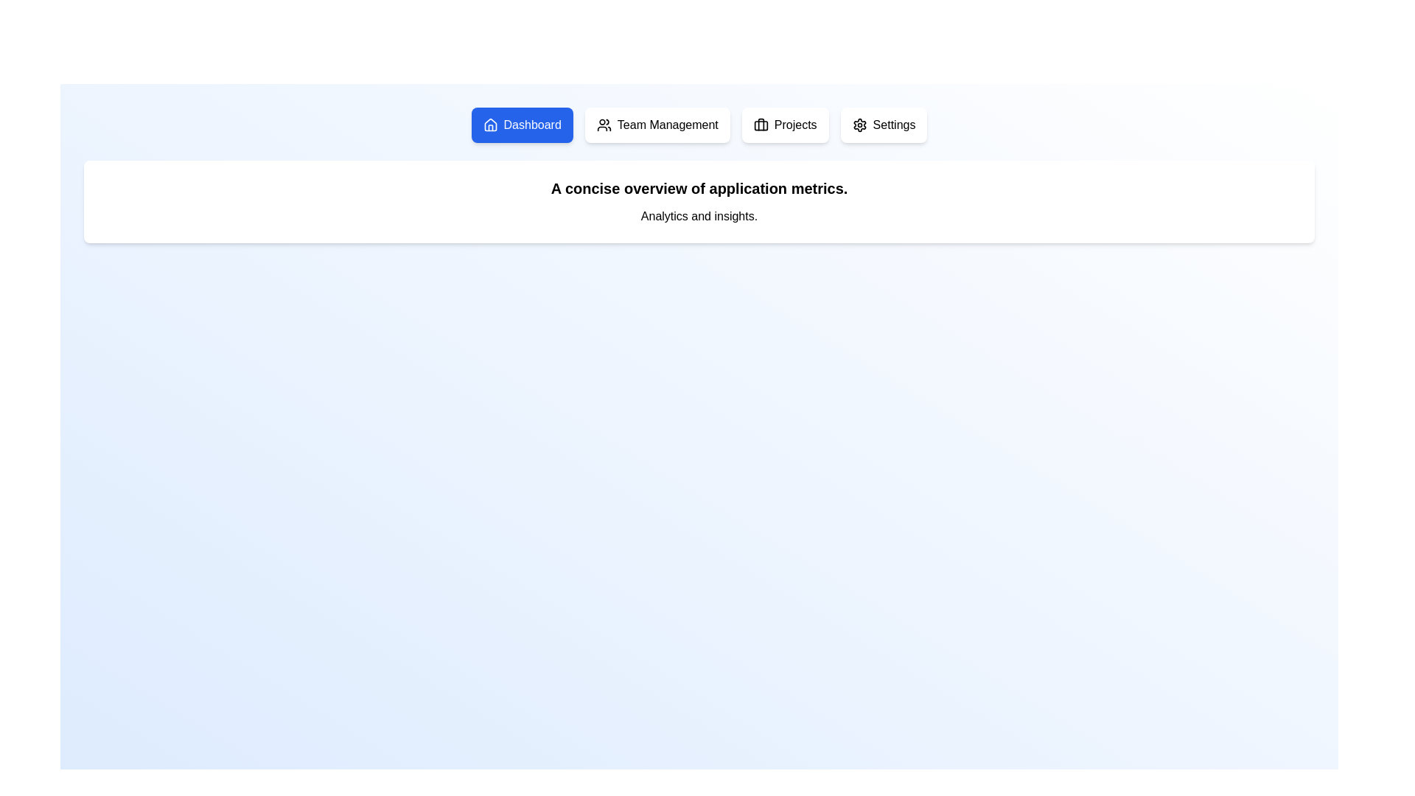  Describe the element at coordinates (531, 124) in the screenshot. I see `the 'Dashboard' text label, which is displayed in white within a rounded rectangle with a blue background, to focus or navigate` at that location.